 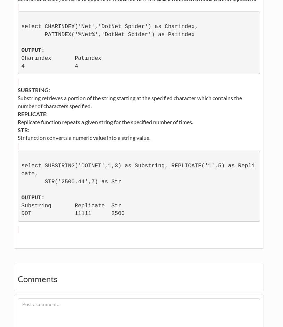 What do you see at coordinates (17, 137) in the screenshot?
I see `'Str function converts a numeric value into a string value.'` at bounding box center [17, 137].